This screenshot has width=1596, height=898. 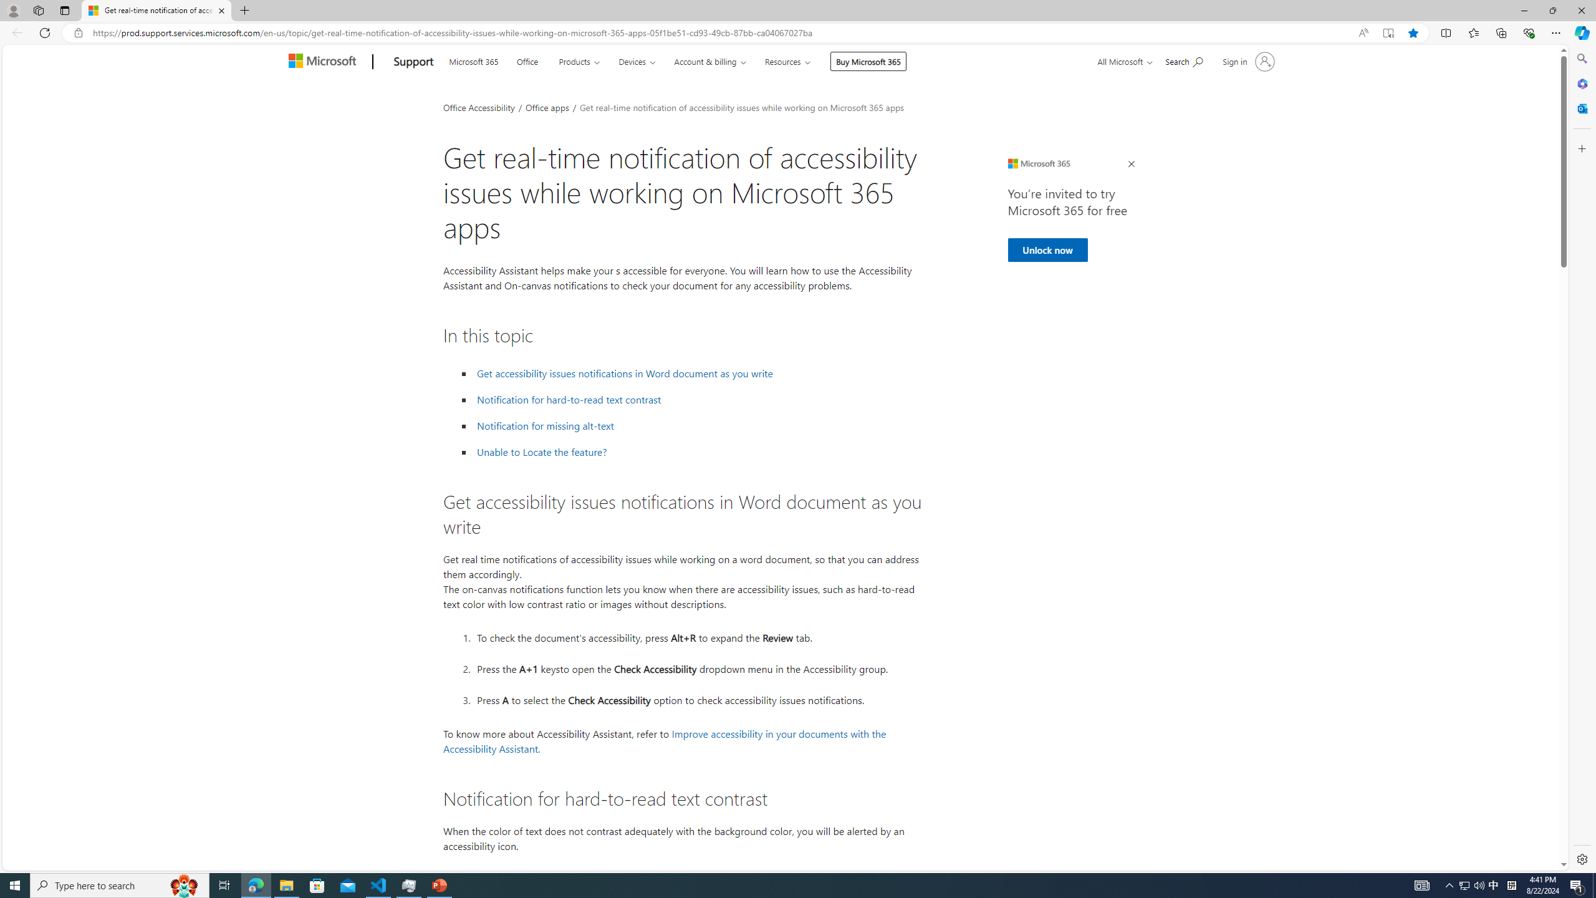 I want to click on 'Microsoft 365', so click(x=473, y=59).